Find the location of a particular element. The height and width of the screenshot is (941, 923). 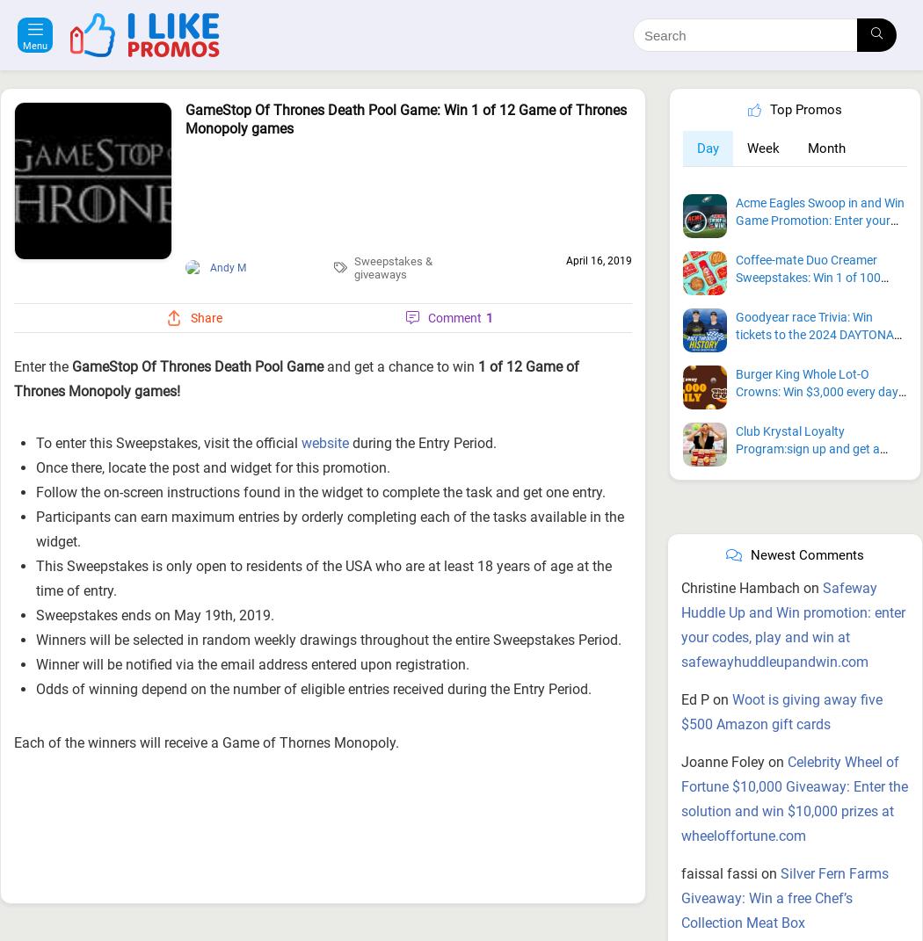

'Day' is located at coordinates (707, 51).